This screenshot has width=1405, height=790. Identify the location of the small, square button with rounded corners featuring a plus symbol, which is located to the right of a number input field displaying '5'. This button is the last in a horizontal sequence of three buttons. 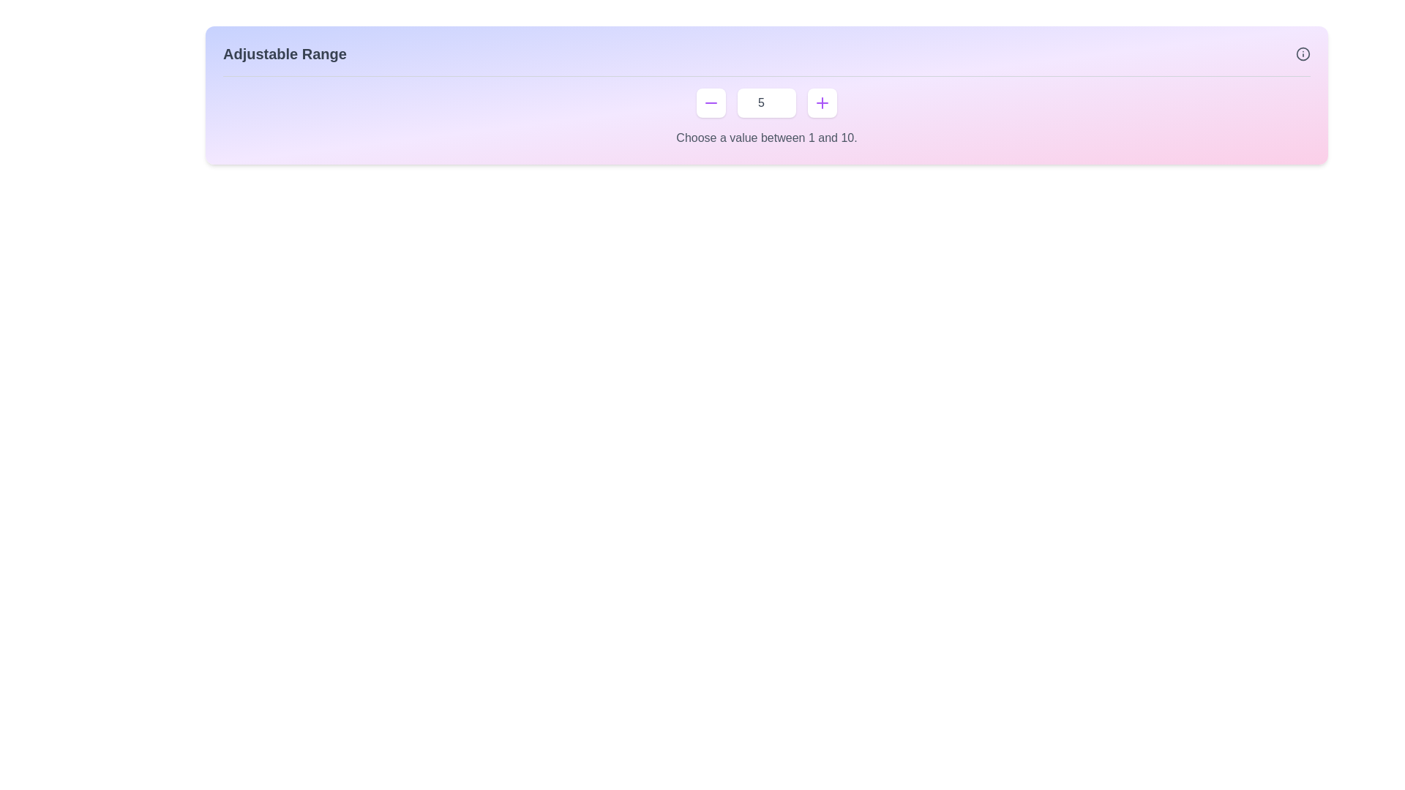
(822, 102).